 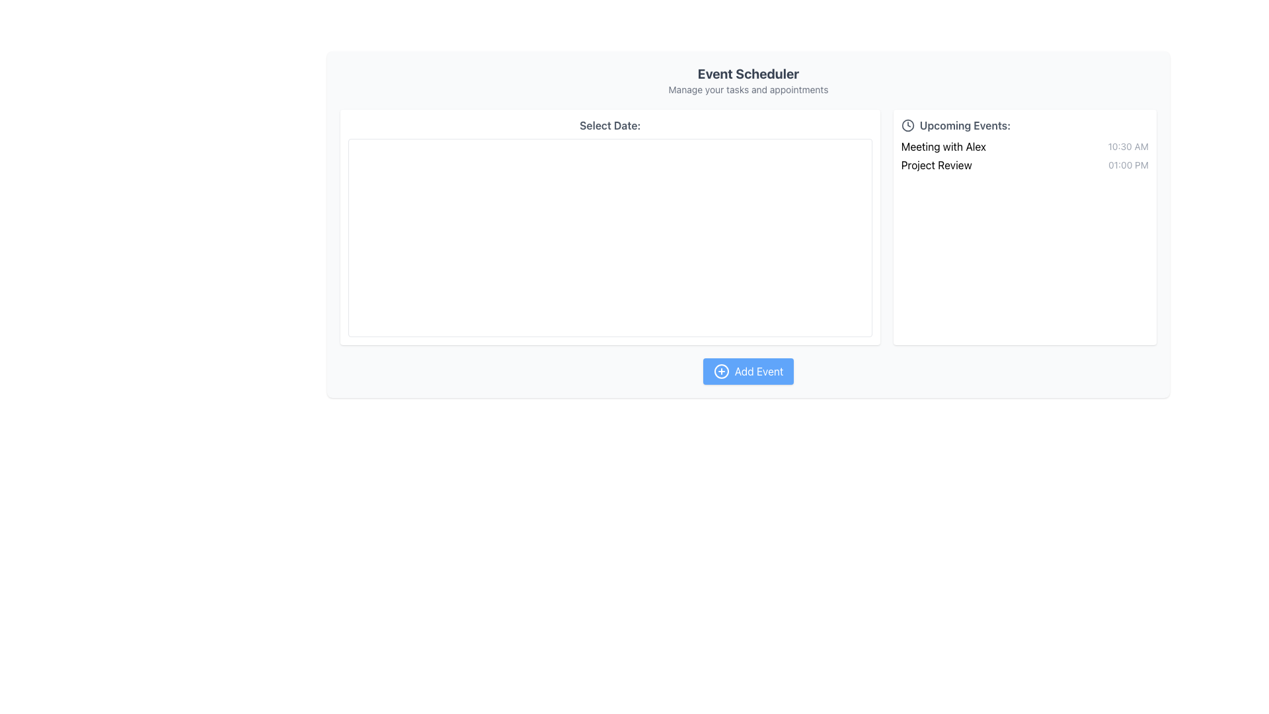 What do you see at coordinates (609, 125) in the screenshot?
I see `text from the Text Label indicating the purpose of the section below it, which is related to selecting a date` at bounding box center [609, 125].